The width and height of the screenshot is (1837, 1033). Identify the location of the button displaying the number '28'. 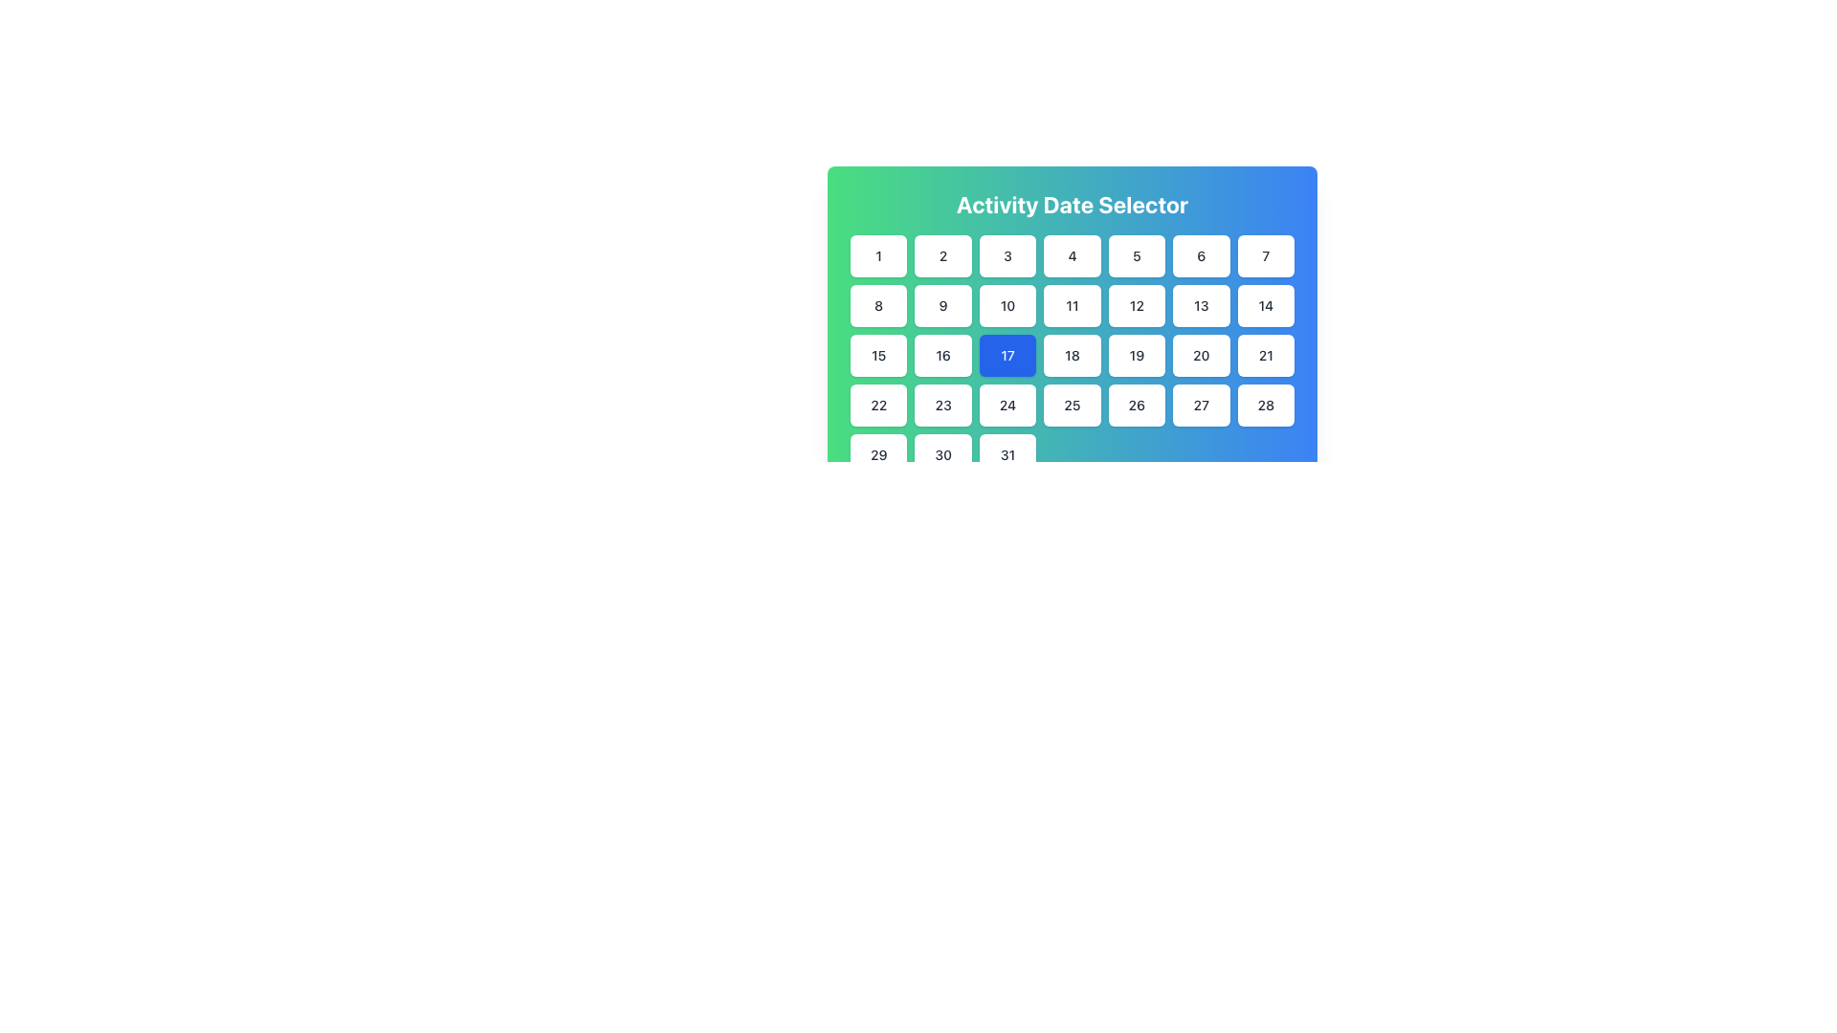
(1266, 405).